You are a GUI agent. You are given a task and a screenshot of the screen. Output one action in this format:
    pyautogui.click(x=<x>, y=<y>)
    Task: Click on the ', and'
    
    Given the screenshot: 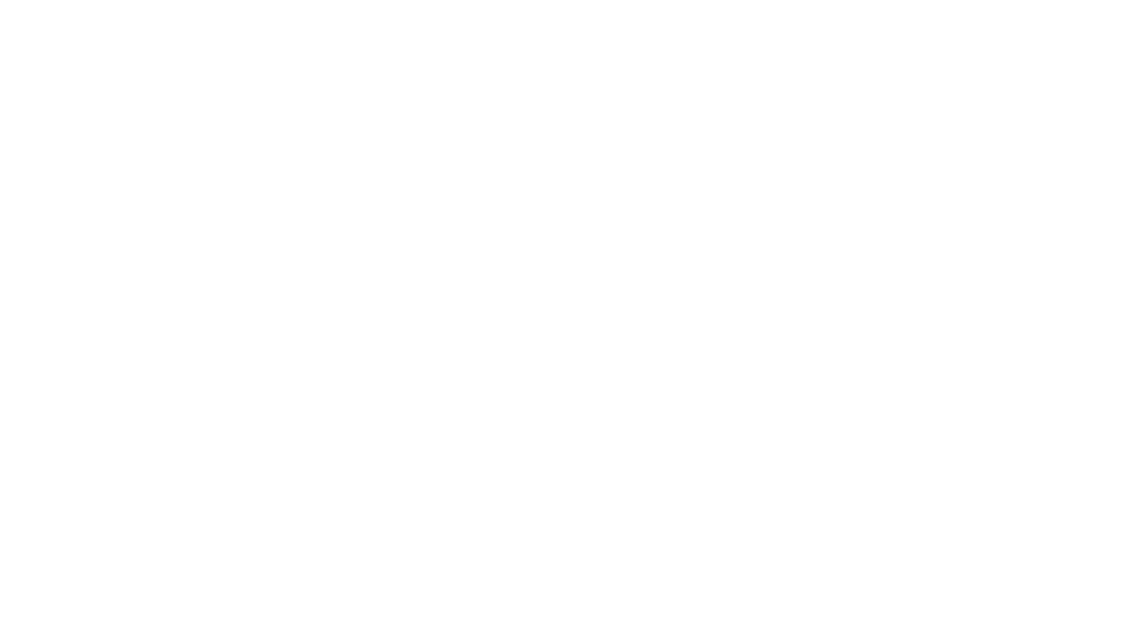 What is the action you would take?
    pyautogui.click(x=280, y=27)
    